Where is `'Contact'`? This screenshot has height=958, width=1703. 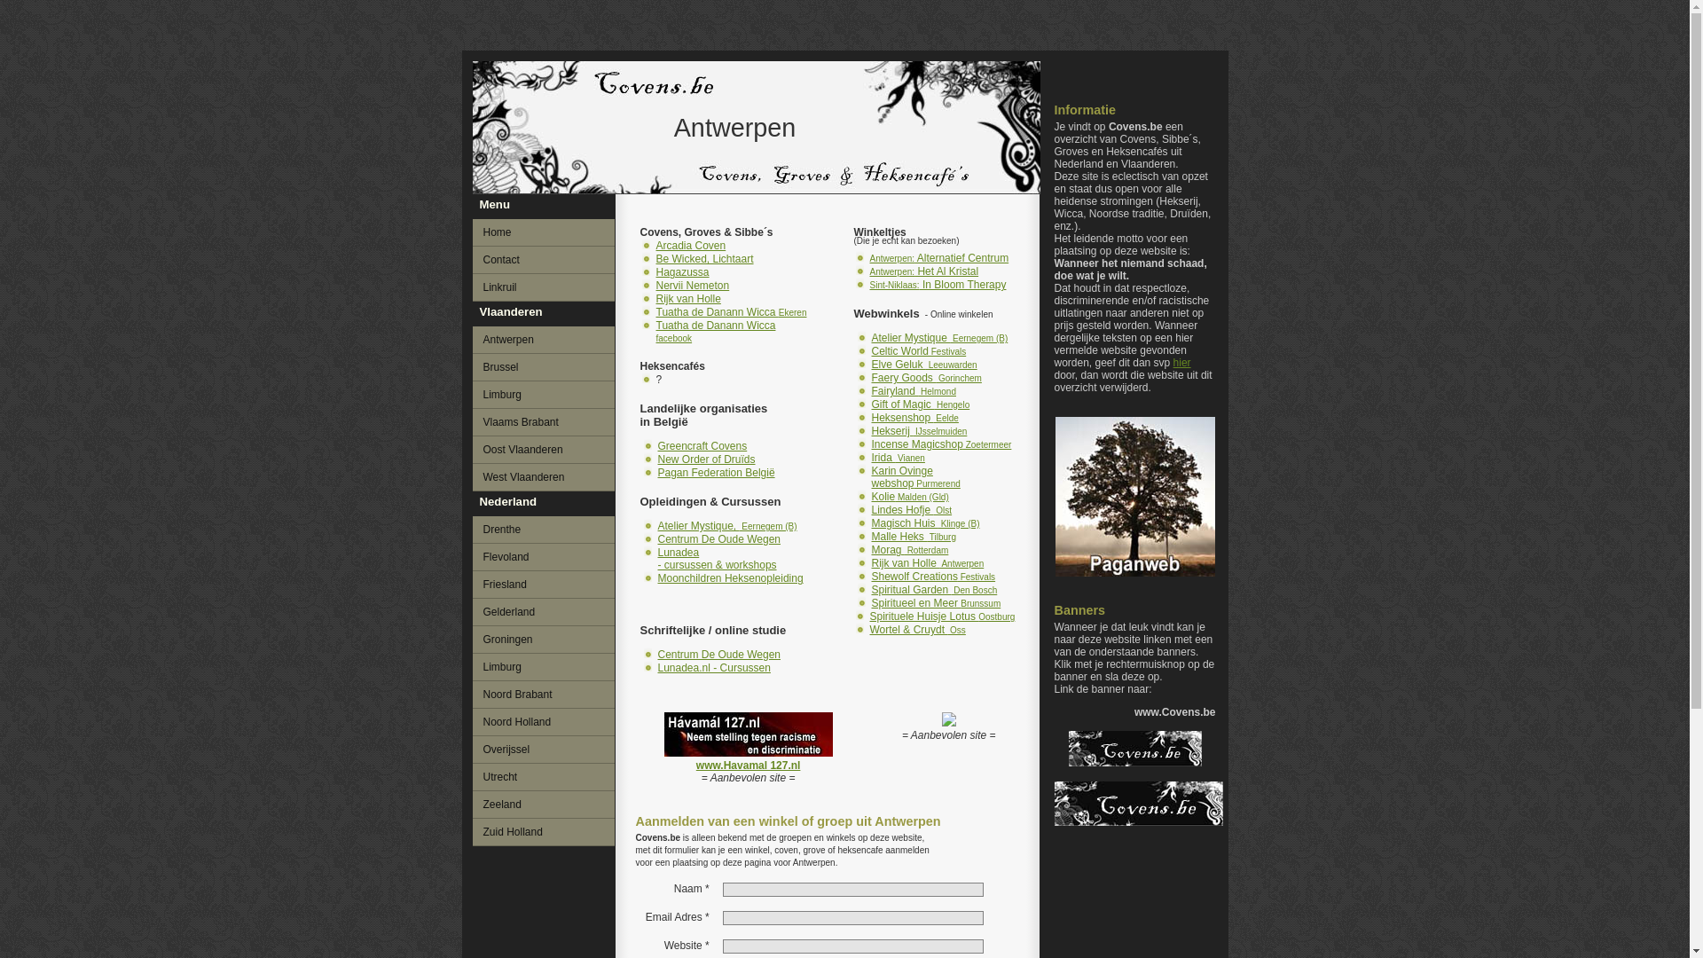 'Contact' is located at coordinates (541, 260).